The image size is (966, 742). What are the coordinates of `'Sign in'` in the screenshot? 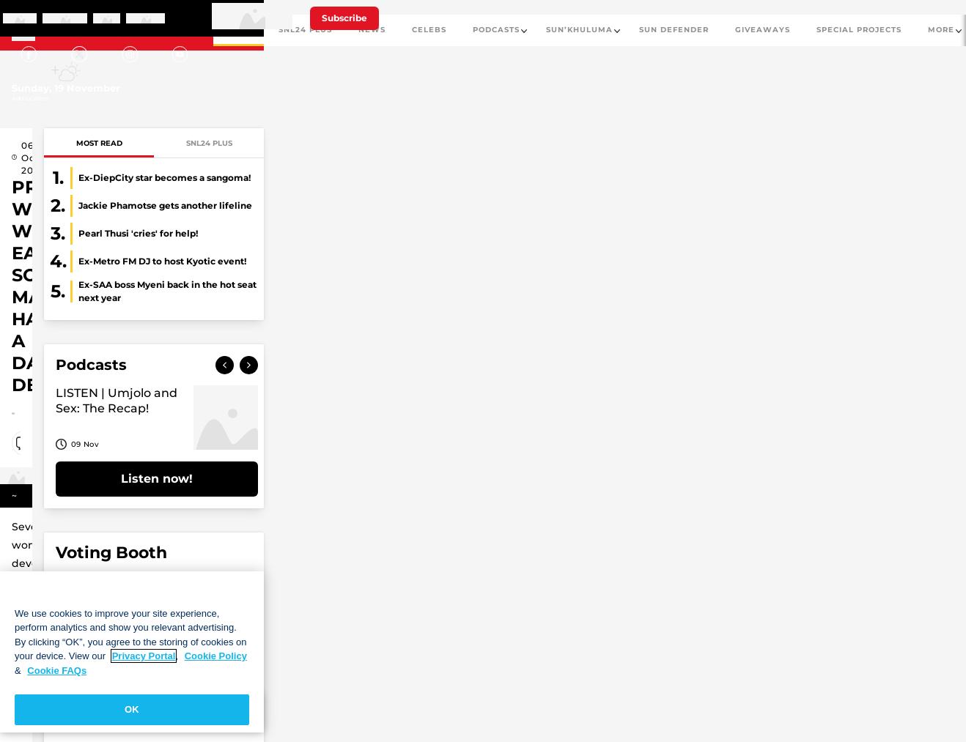 It's located at (397, 16).